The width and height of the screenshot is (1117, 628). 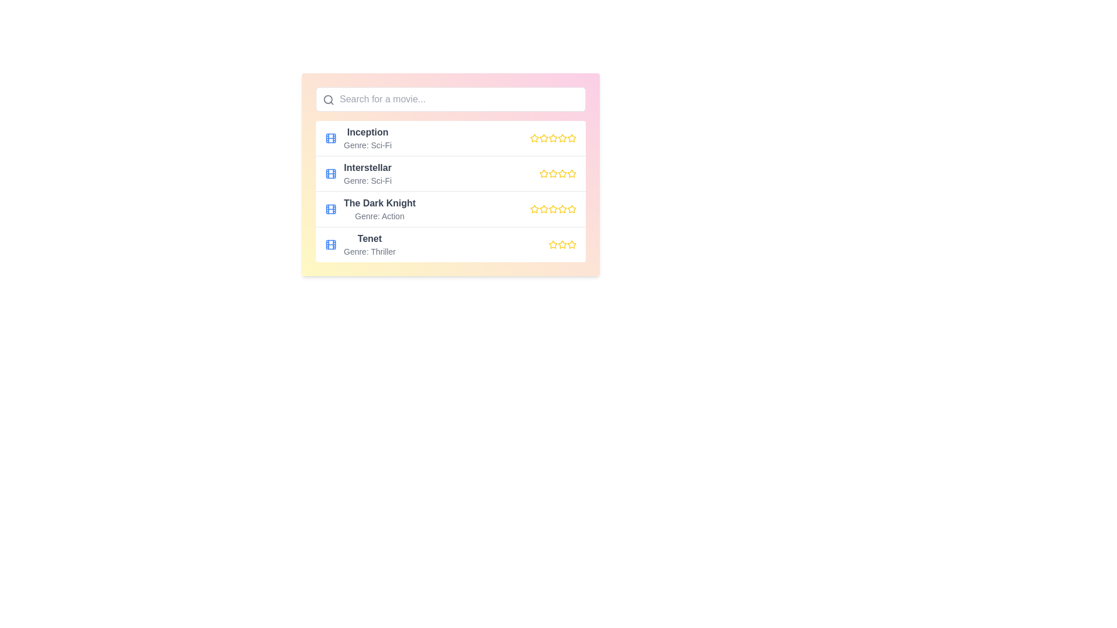 What do you see at coordinates (330, 138) in the screenshot?
I see `the topmost blue rectangle icon representing the film reel, located beside the 'Inception' movie title to focus or select the associated movie` at bounding box center [330, 138].